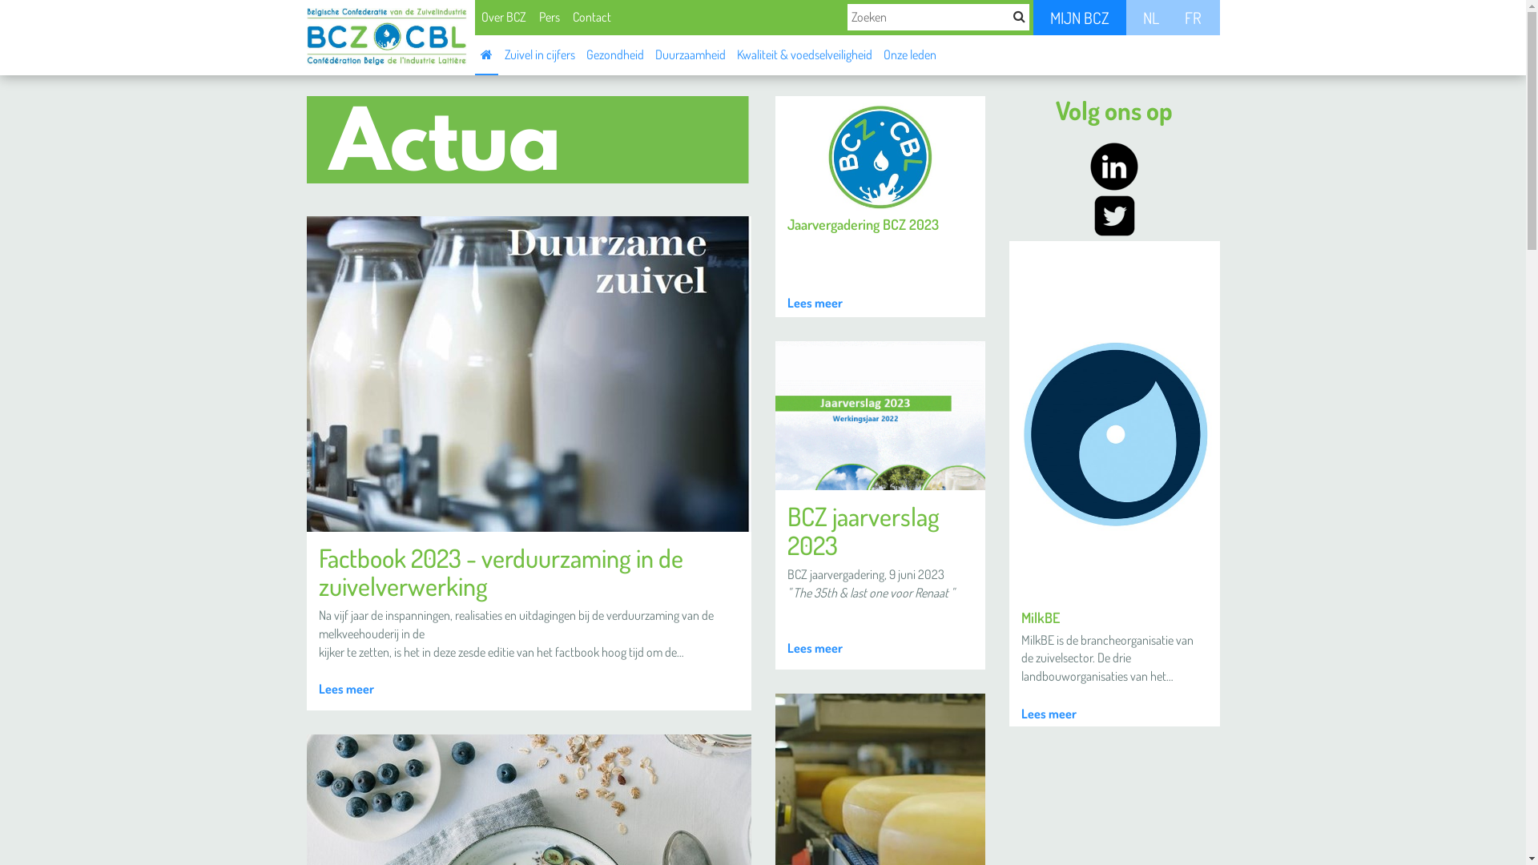  What do you see at coordinates (497, 52) in the screenshot?
I see `'Zuivel in cijfers'` at bounding box center [497, 52].